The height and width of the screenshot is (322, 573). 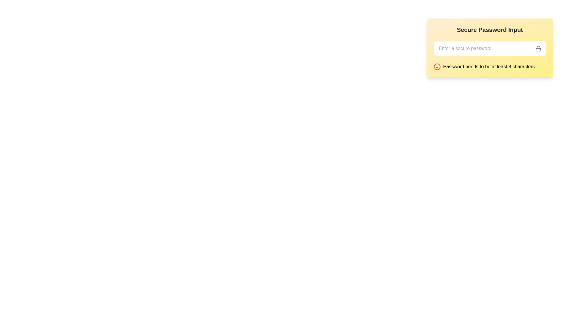 What do you see at coordinates (540, 48) in the screenshot?
I see `the gray open padlock icon button located at the far right of the password input field` at bounding box center [540, 48].